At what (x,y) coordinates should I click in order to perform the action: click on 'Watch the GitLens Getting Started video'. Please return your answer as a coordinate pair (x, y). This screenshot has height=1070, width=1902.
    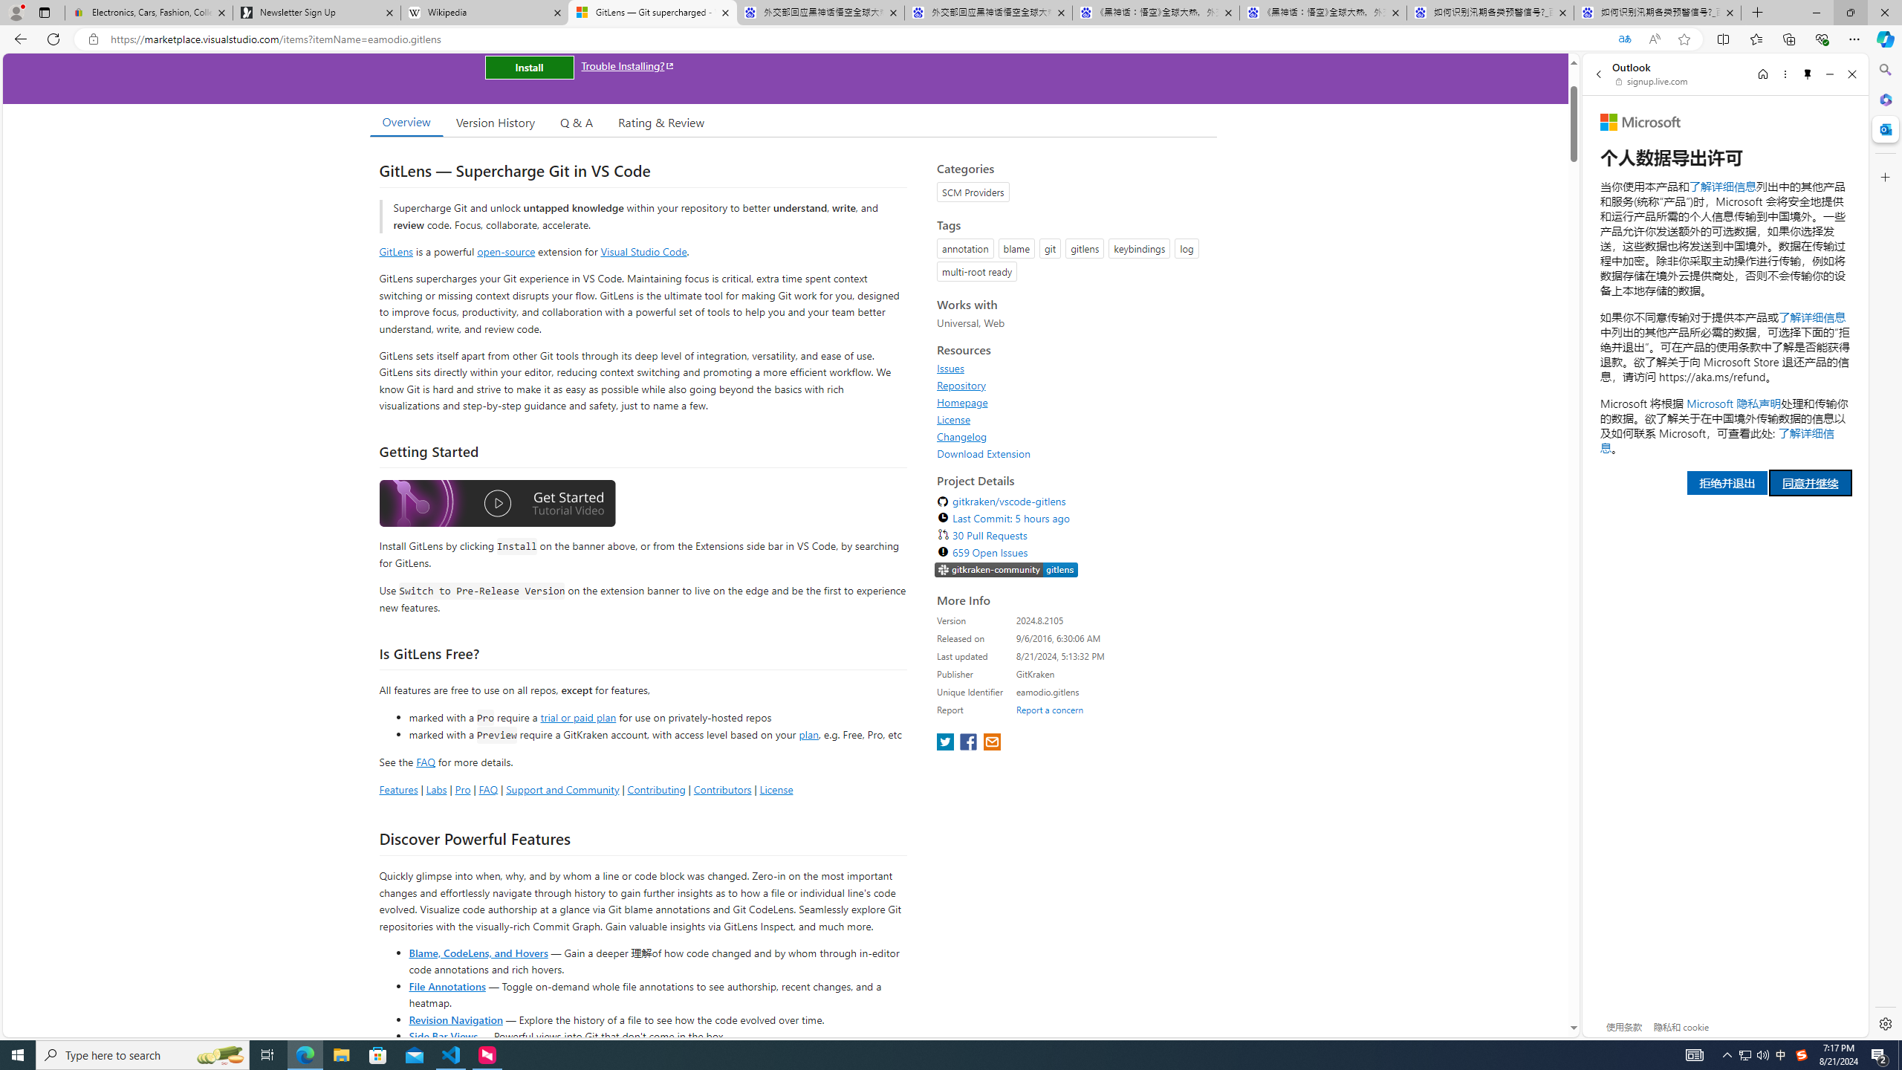
    Looking at the image, I should click on (496, 503).